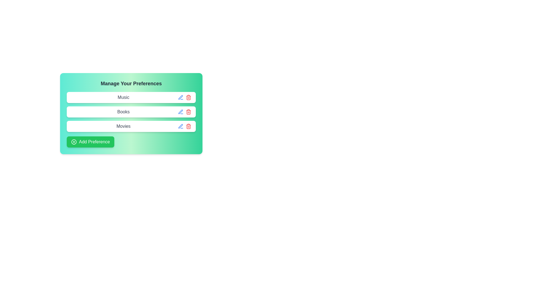 This screenshot has height=300, width=534. I want to click on the 'Add Preference' button, so click(90, 141).